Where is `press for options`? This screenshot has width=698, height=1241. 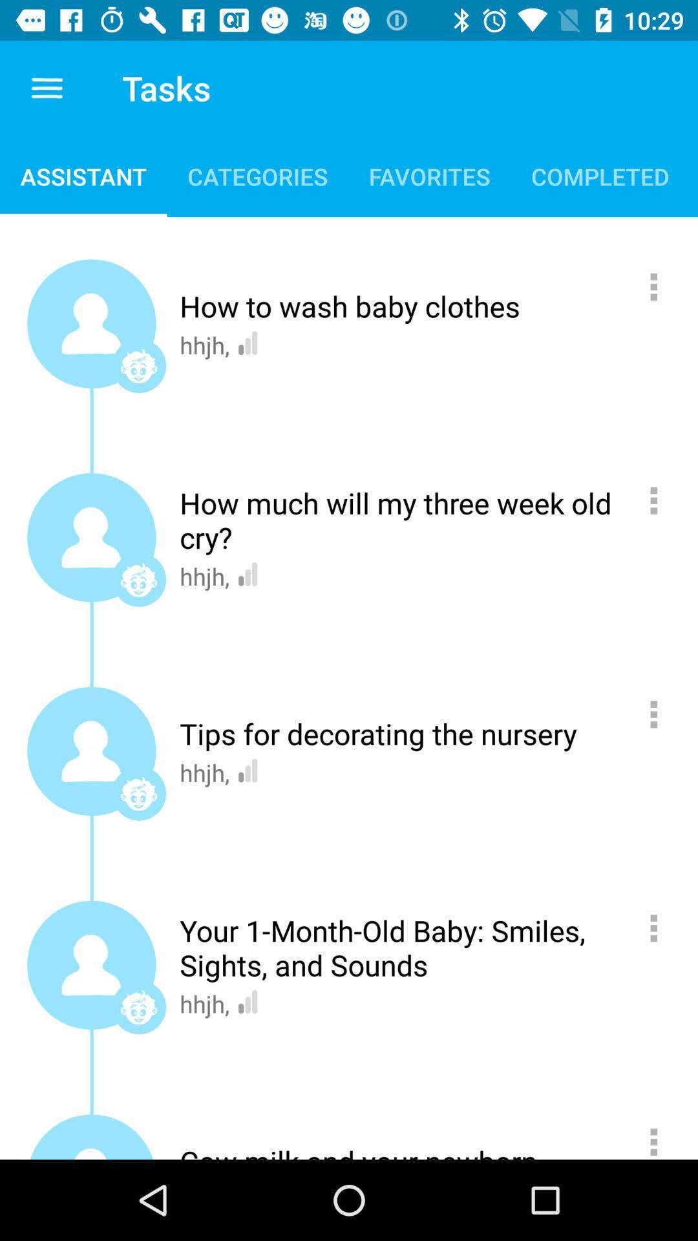
press for options is located at coordinates (661, 714).